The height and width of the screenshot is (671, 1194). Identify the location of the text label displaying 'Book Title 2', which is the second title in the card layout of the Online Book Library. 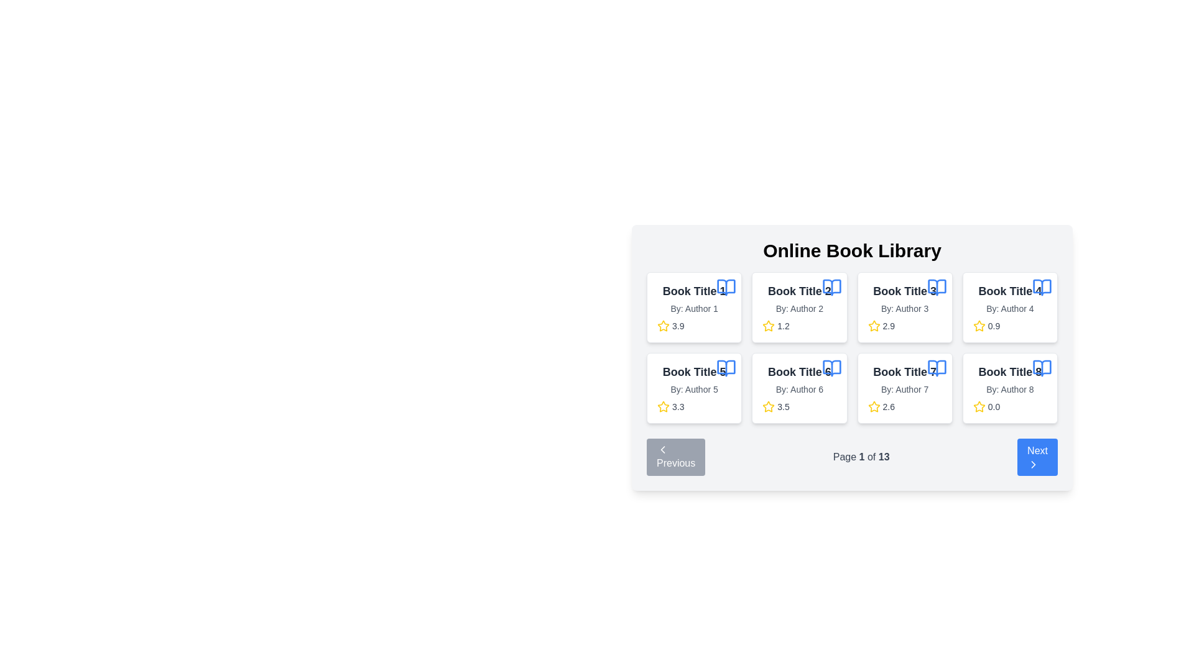
(799, 291).